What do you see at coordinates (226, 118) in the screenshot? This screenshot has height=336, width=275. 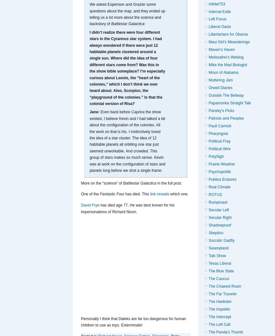 I see `'Patriots and Peoples'` at bounding box center [226, 118].